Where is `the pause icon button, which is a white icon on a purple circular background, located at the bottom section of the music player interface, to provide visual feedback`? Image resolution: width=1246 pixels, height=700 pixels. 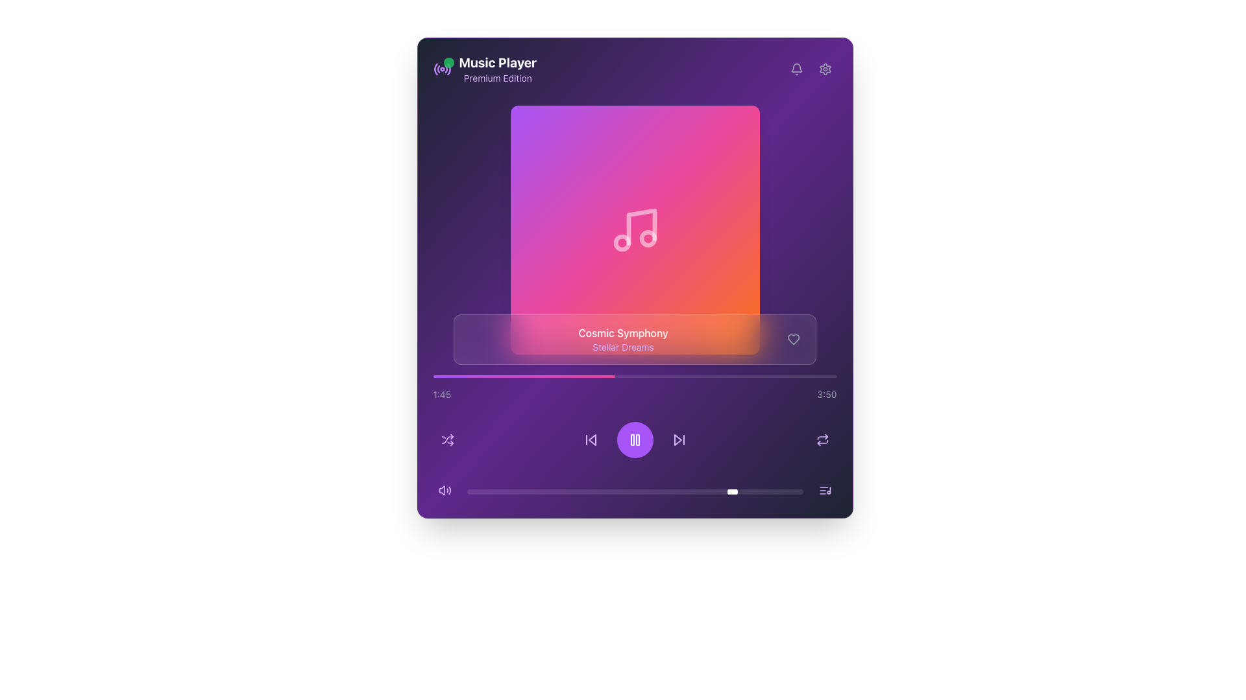
the pause icon button, which is a white icon on a purple circular background, located at the bottom section of the music player interface, to provide visual feedback is located at coordinates (635, 439).